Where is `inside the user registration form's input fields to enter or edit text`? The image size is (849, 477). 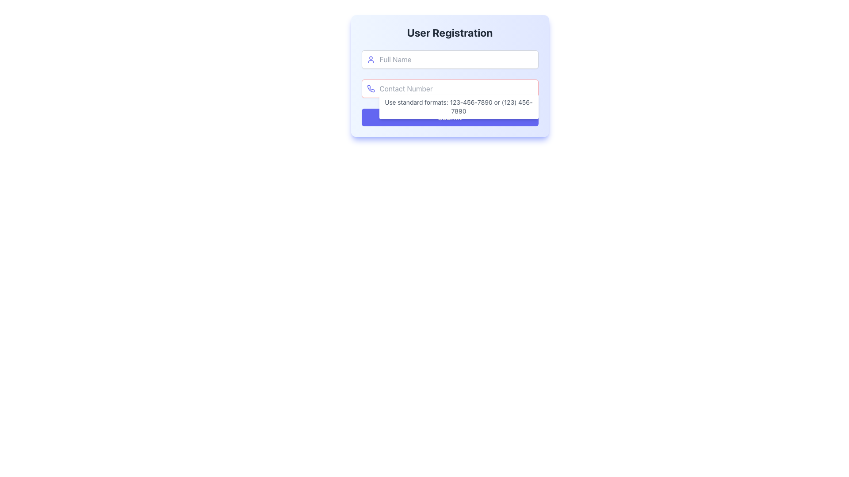 inside the user registration form's input fields to enter or edit text is located at coordinates (450, 76).